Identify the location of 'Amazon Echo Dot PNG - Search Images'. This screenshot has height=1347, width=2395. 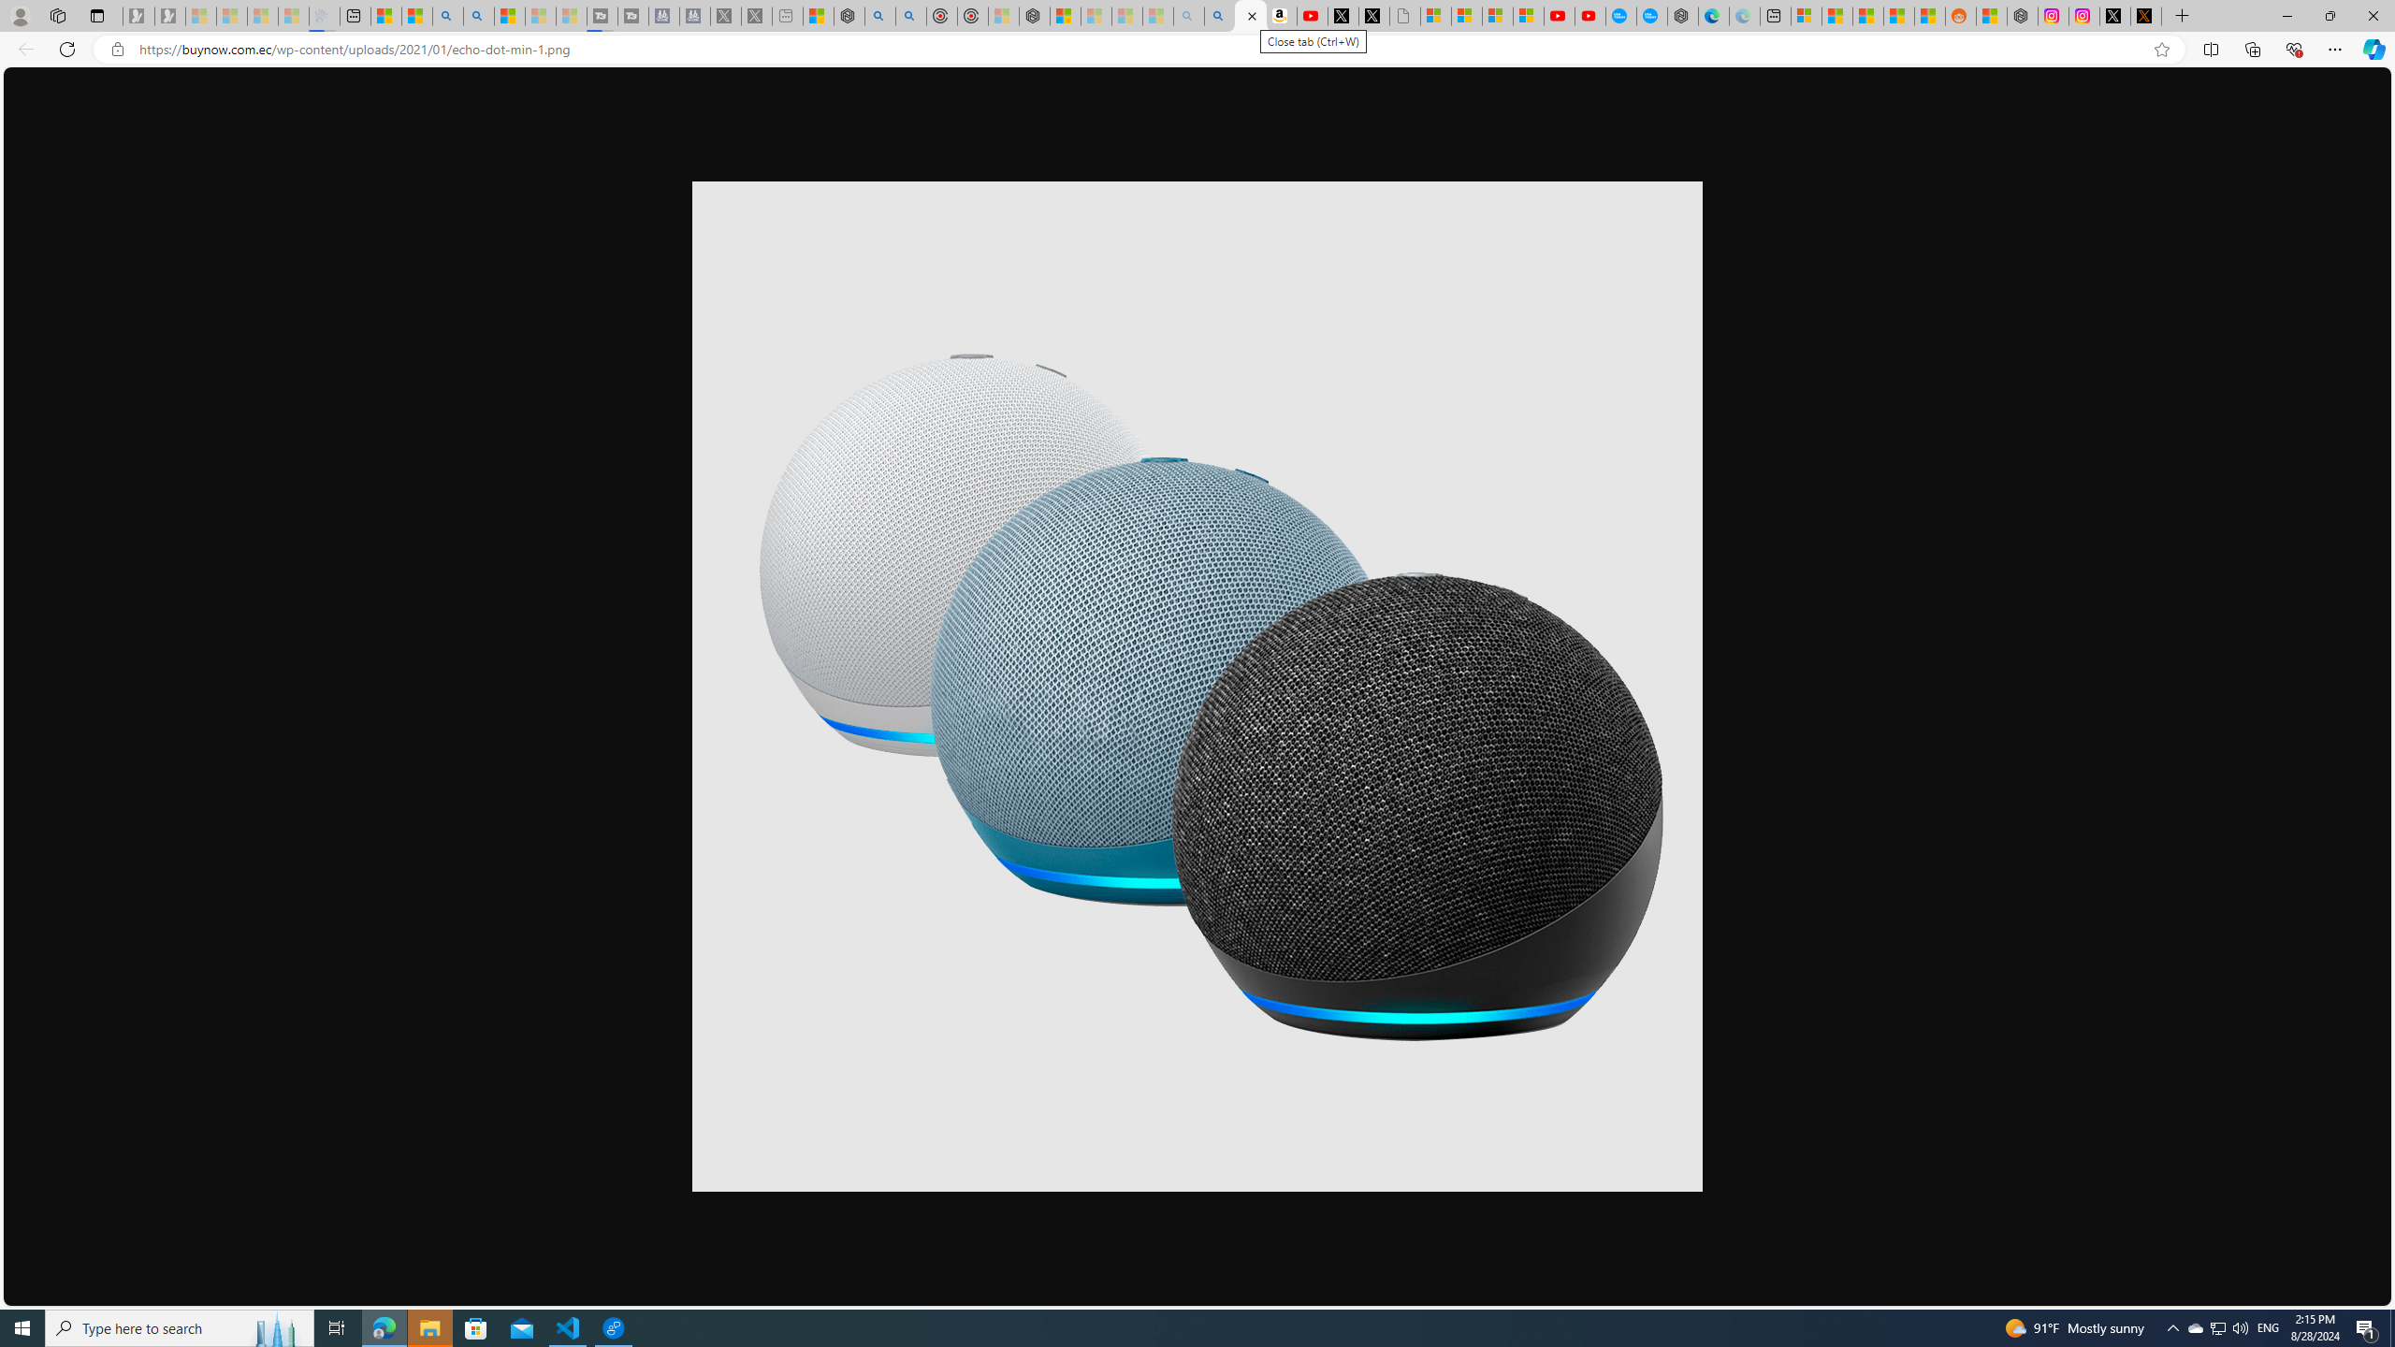
(1220, 15).